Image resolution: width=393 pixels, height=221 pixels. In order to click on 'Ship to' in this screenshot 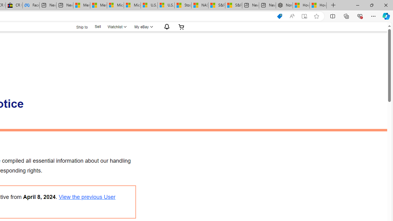, I will do `click(78, 26)`.